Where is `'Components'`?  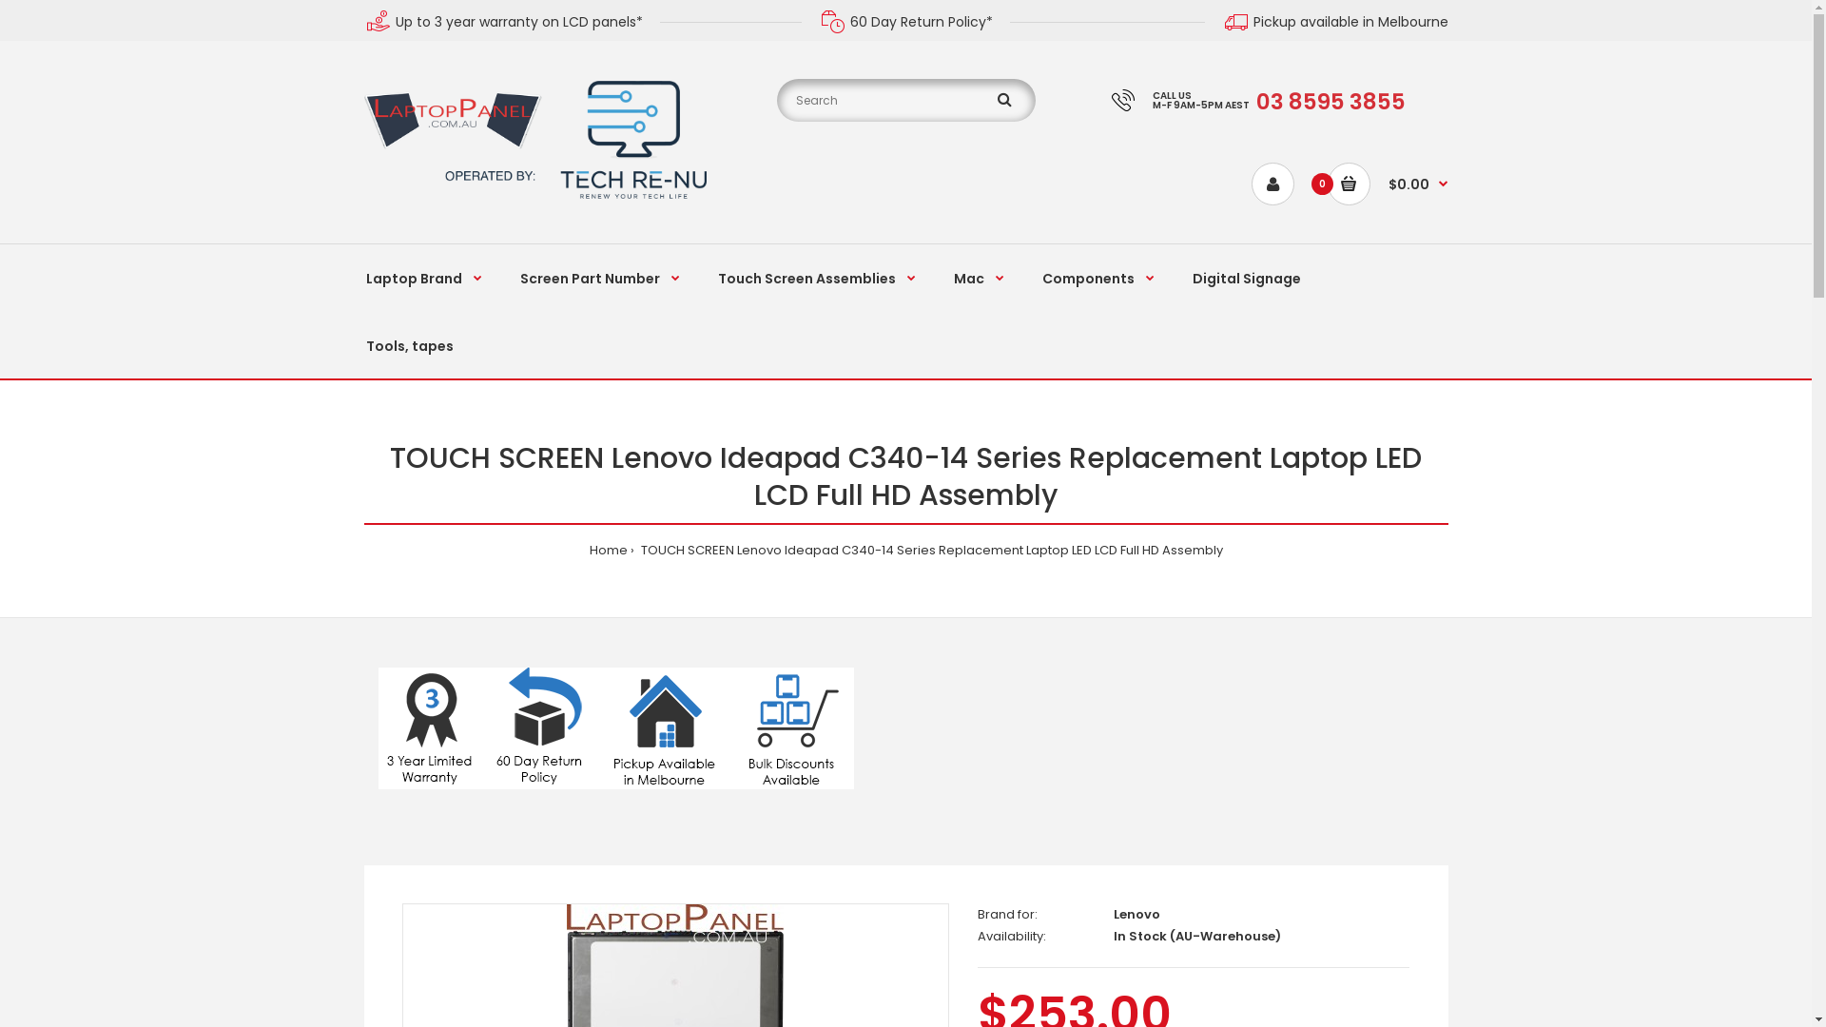 'Components' is located at coordinates (1098, 277).